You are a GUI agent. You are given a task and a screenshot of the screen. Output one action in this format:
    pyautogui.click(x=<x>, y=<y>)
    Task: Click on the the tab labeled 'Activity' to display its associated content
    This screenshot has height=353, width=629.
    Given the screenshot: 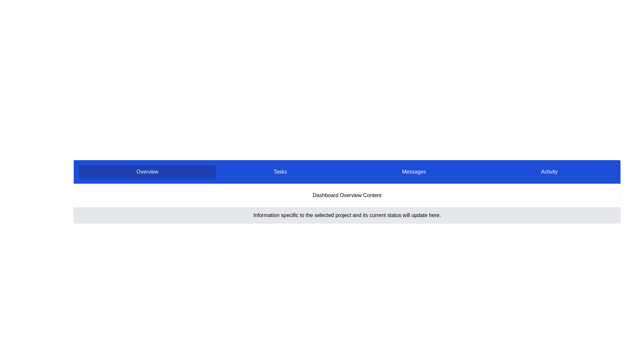 What is the action you would take?
    pyautogui.click(x=549, y=171)
    